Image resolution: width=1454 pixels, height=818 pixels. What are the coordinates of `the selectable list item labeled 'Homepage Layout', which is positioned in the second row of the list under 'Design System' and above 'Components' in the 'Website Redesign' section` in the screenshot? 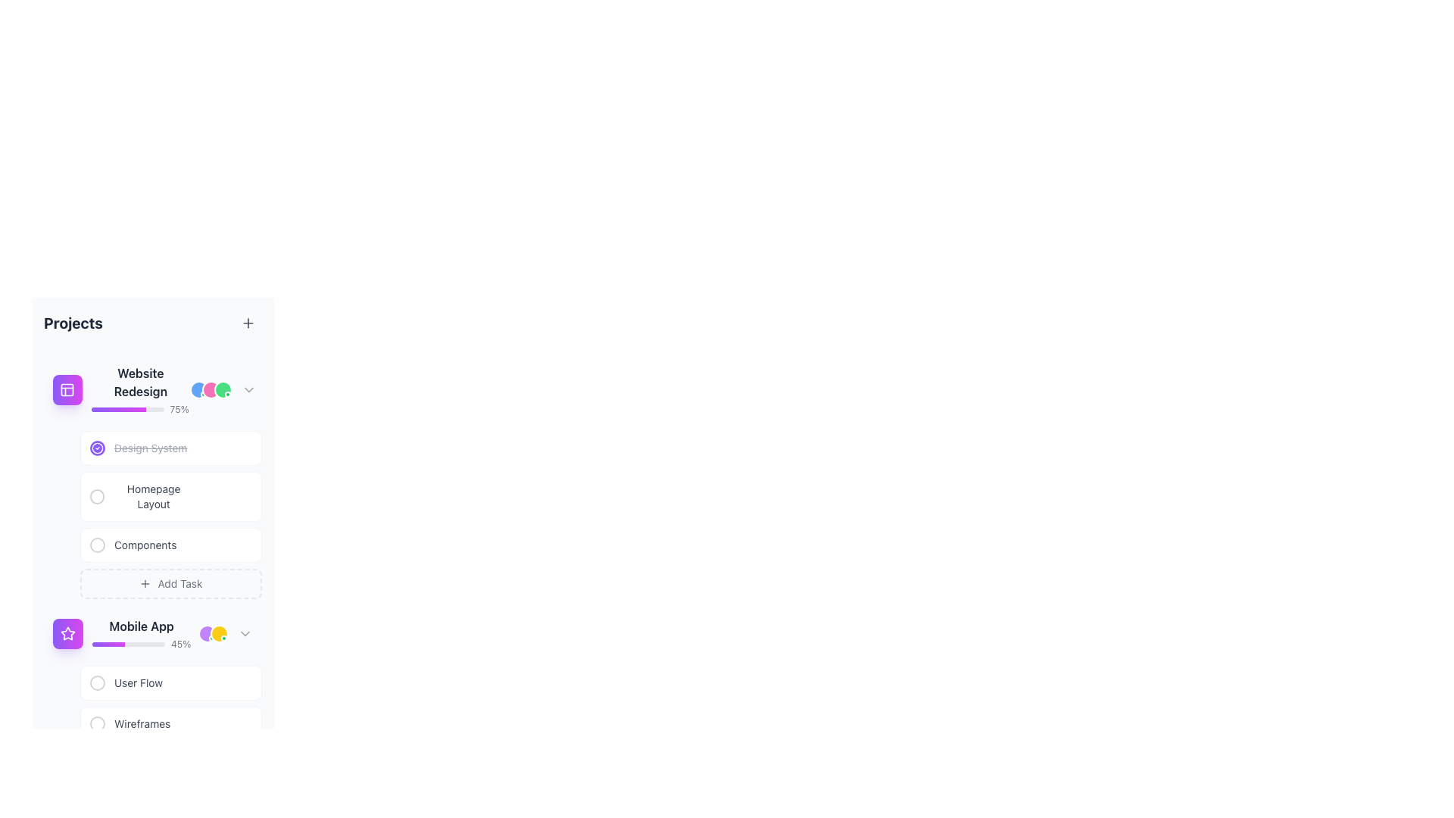 It's located at (170, 514).